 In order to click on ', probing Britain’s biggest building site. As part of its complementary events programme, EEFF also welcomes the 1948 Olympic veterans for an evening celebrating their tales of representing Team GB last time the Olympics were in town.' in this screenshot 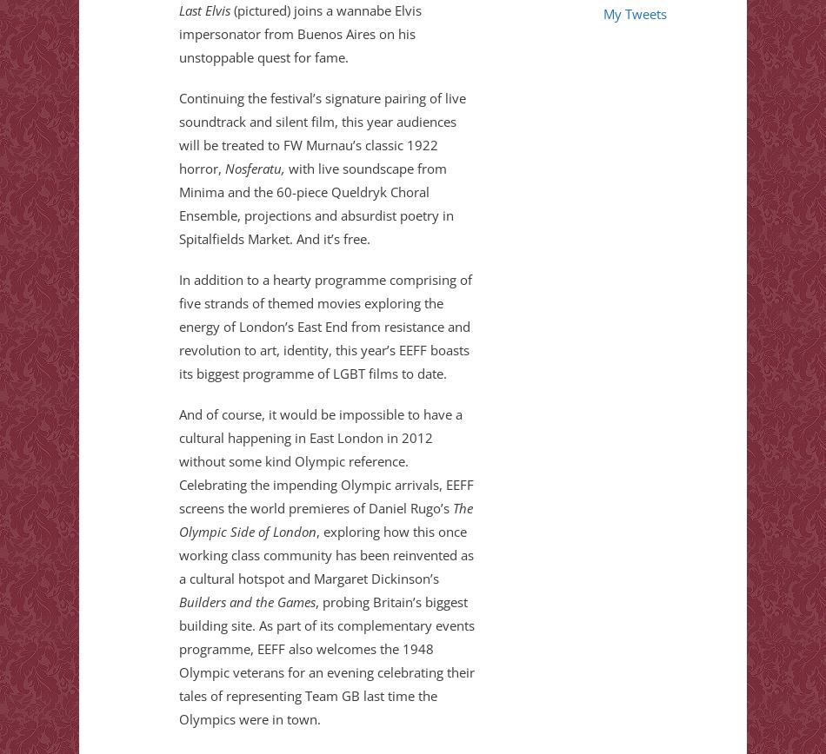, I will do `click(326, 660)`.